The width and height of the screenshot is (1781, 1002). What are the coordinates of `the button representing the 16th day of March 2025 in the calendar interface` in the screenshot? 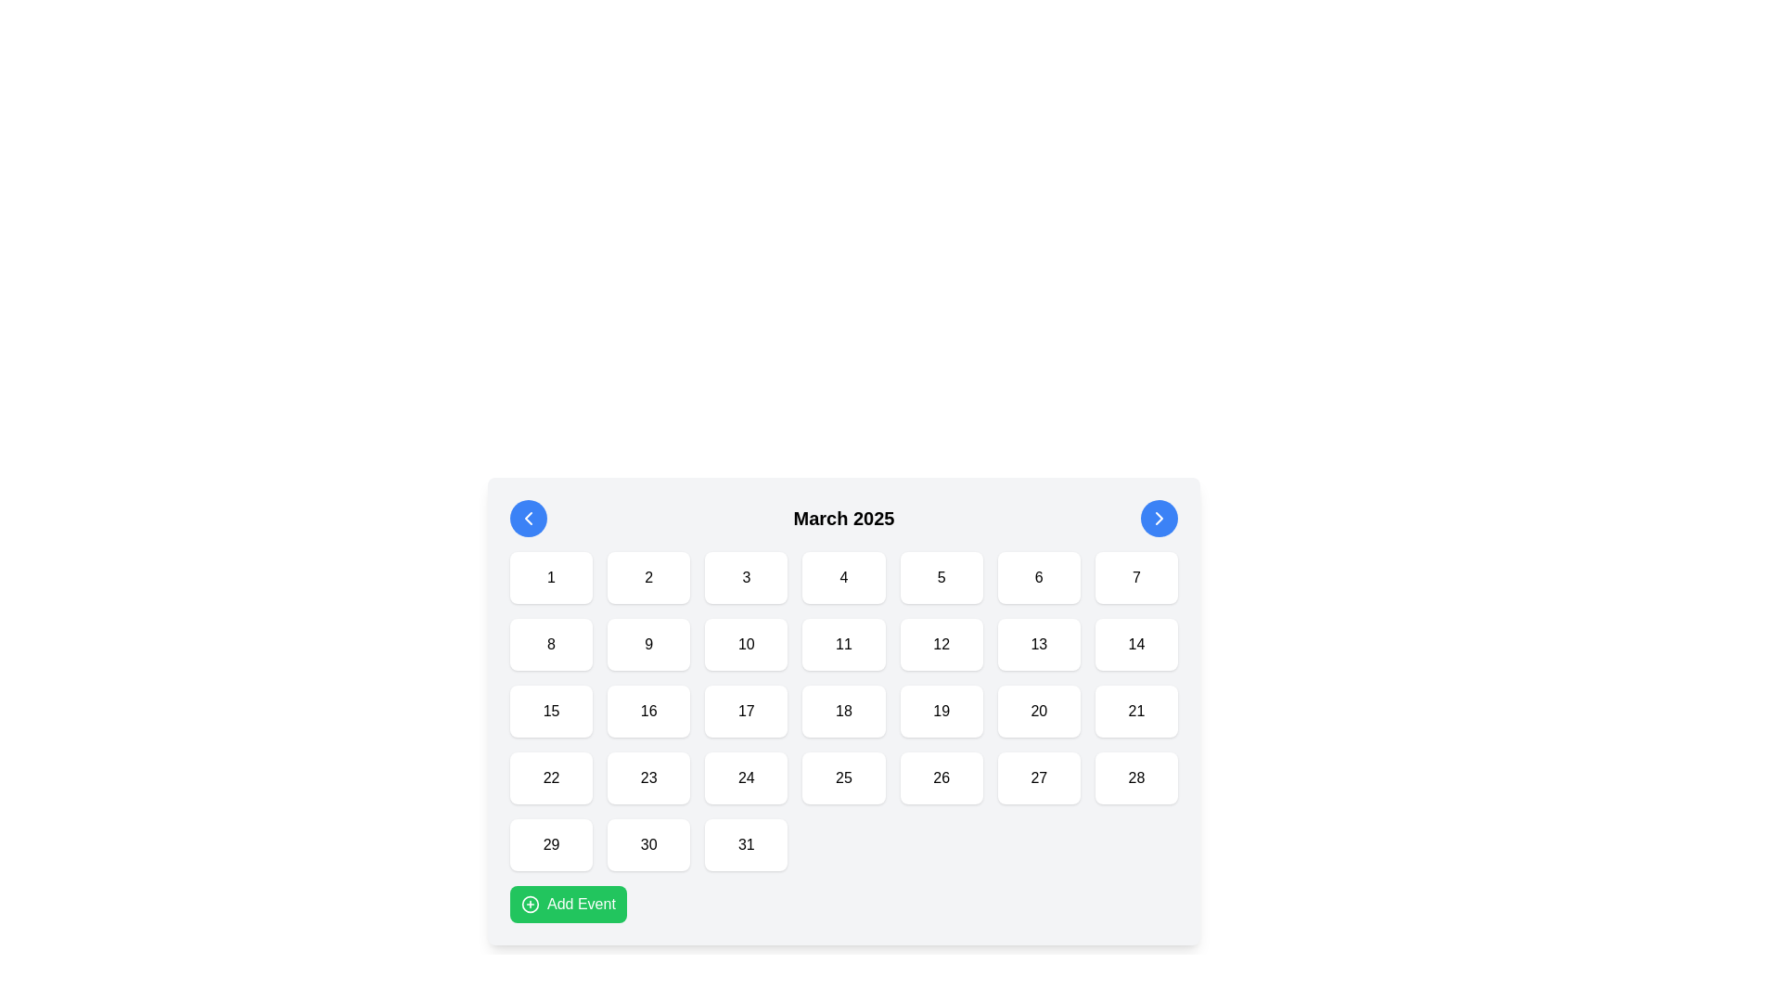 It's located at (648, 711).